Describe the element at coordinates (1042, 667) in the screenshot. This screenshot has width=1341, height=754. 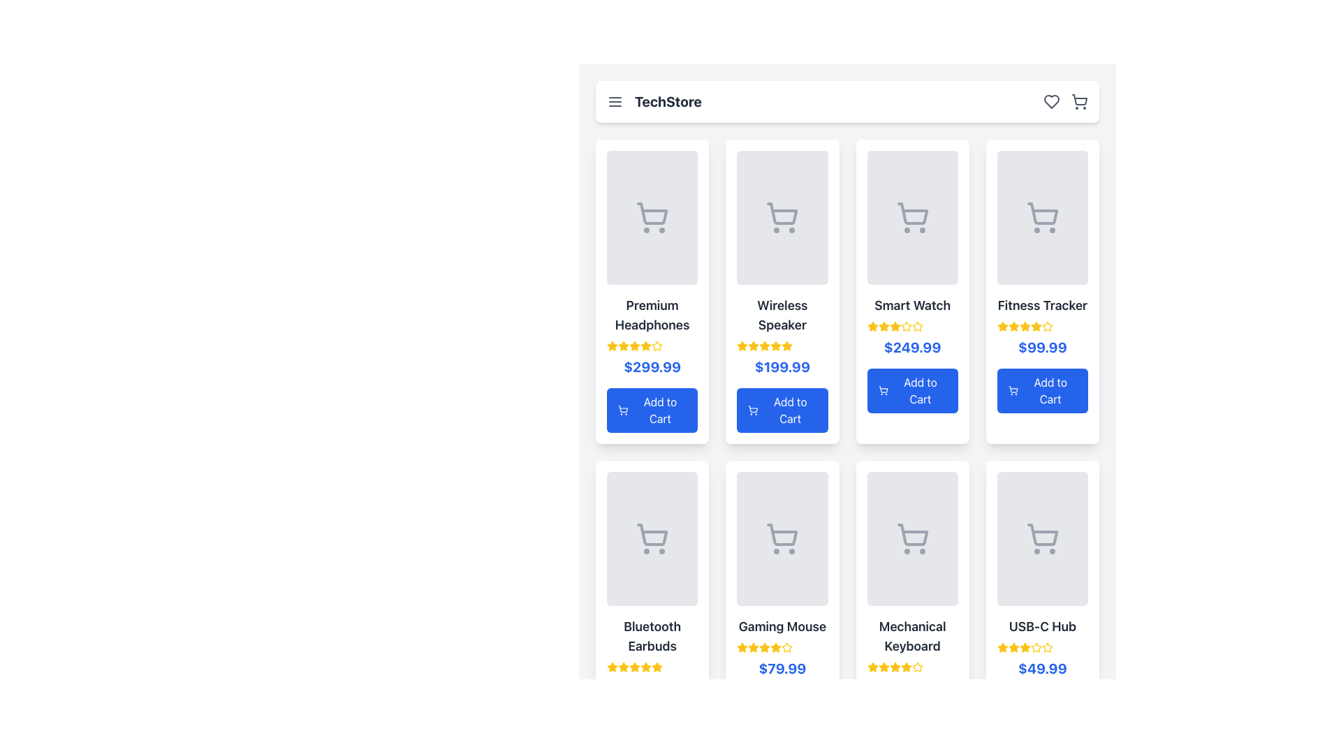
I see `the price display of the 'USB-C Hub' product` at that location.